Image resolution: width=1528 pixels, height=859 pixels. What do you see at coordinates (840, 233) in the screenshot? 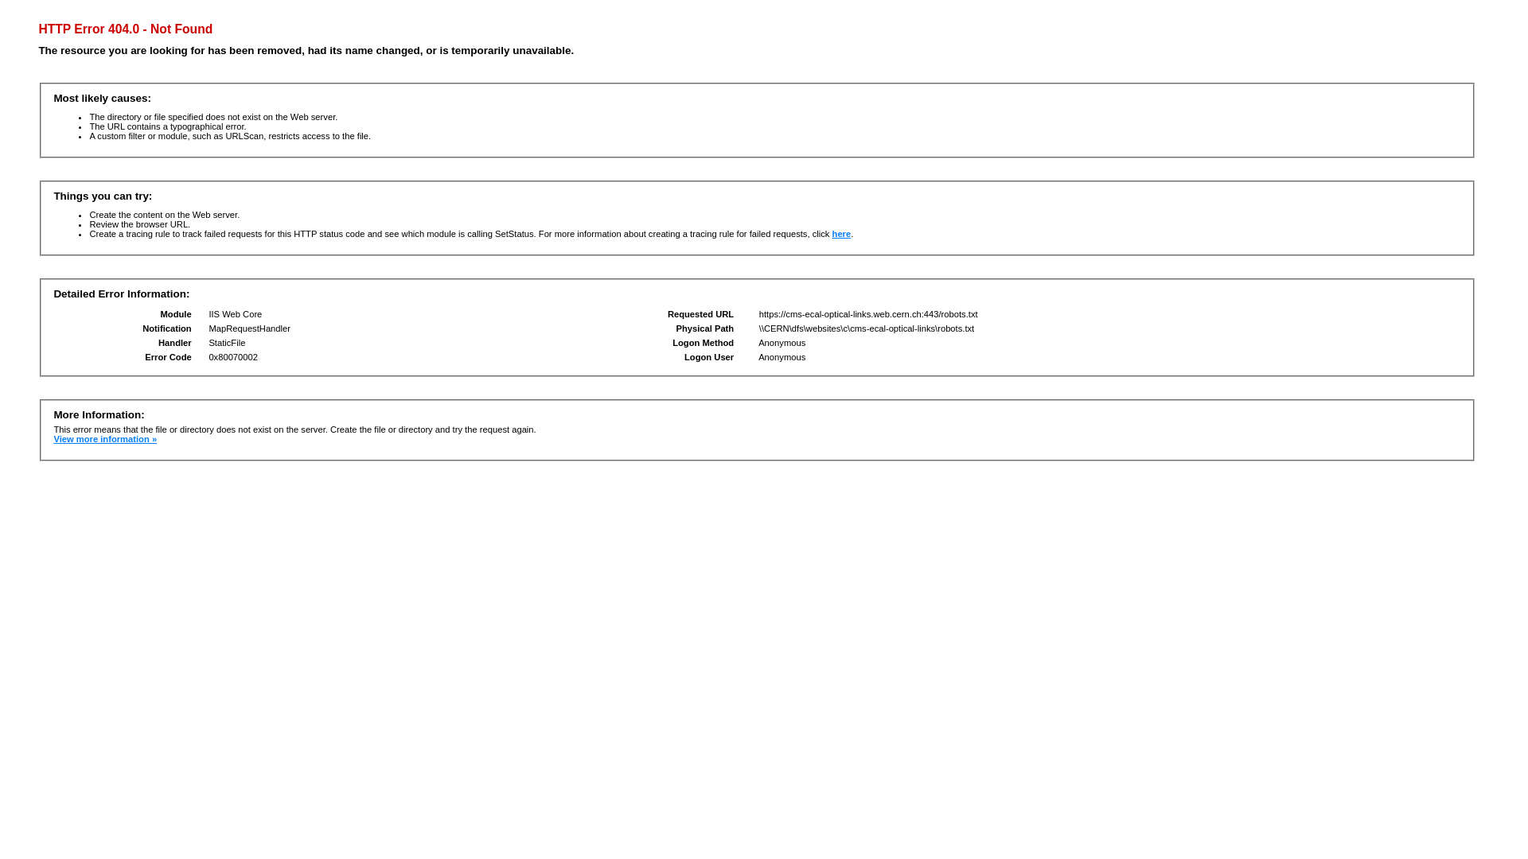
I see `'here'` at bounding box center [840, 233].